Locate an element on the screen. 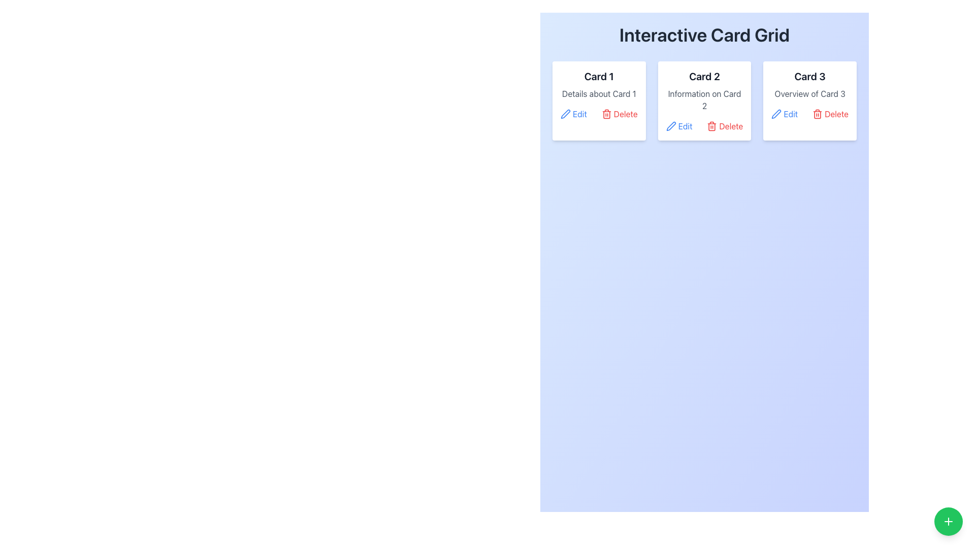 Image resolution: width=975 pixels, height=548 pixels. the red trash can icon located between the 'Edit' icon and the 'Delete' text in the 'Card 2' segment of the card grid display is located at coordinates (711, 126).